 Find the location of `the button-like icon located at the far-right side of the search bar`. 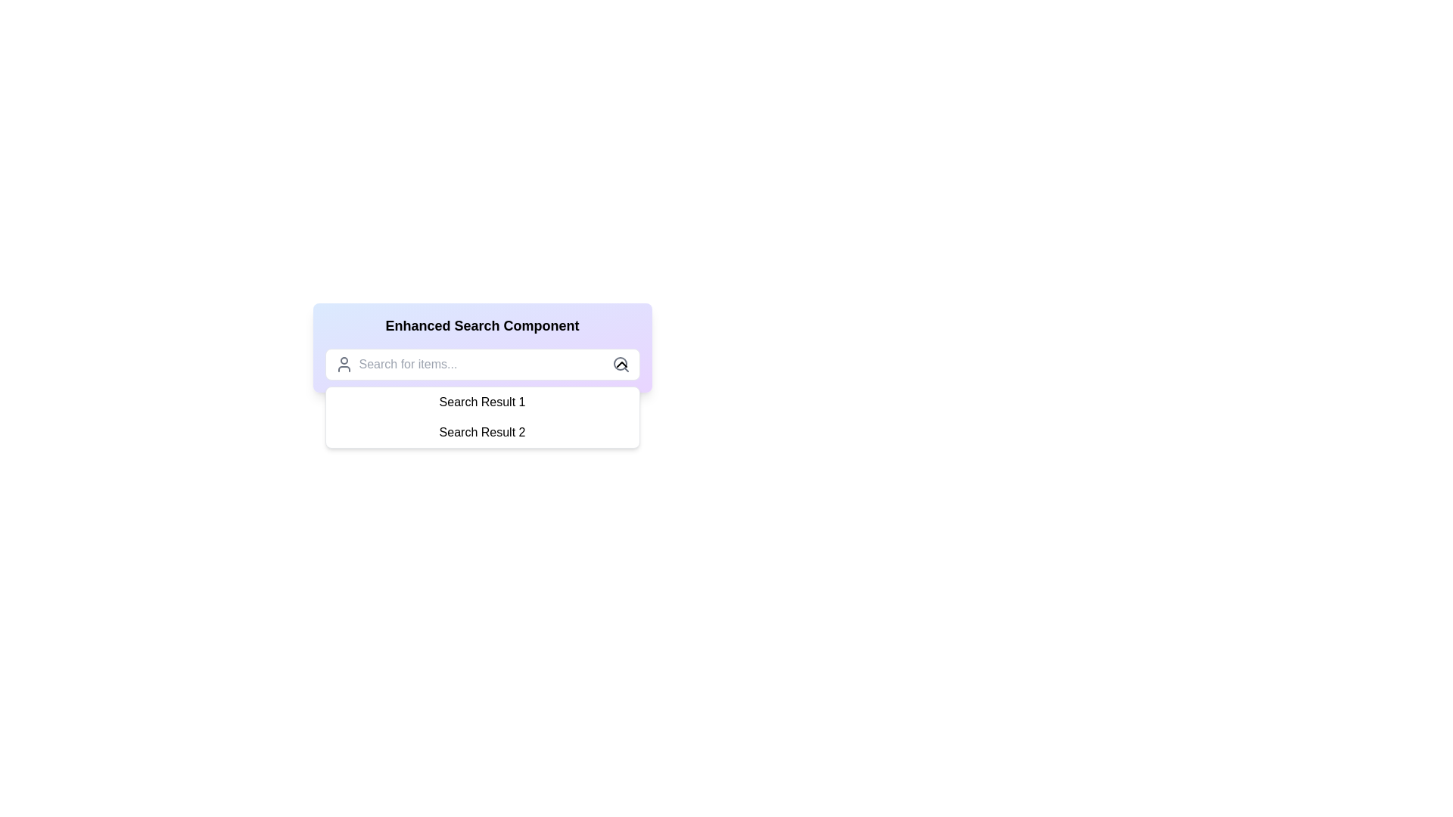

the button-like icon located at the far-right side of the search bar is located at coordinates (621, 365).